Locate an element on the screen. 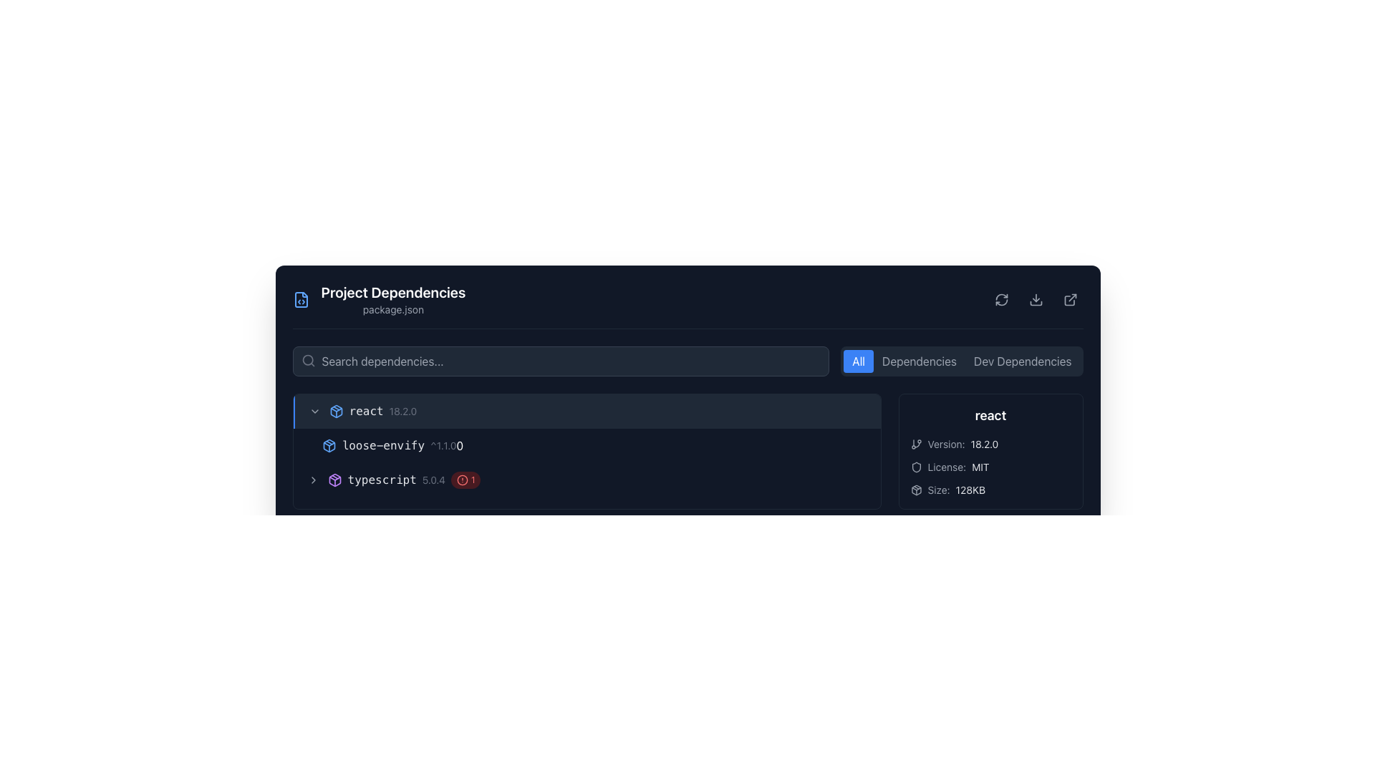 The height and width of the screenshot is (773, 1375). the text label 'Size:' which is positioned directly to the left of the file size '128KB' in the bottom-right section of the interface is located at coordinates (938, 490).